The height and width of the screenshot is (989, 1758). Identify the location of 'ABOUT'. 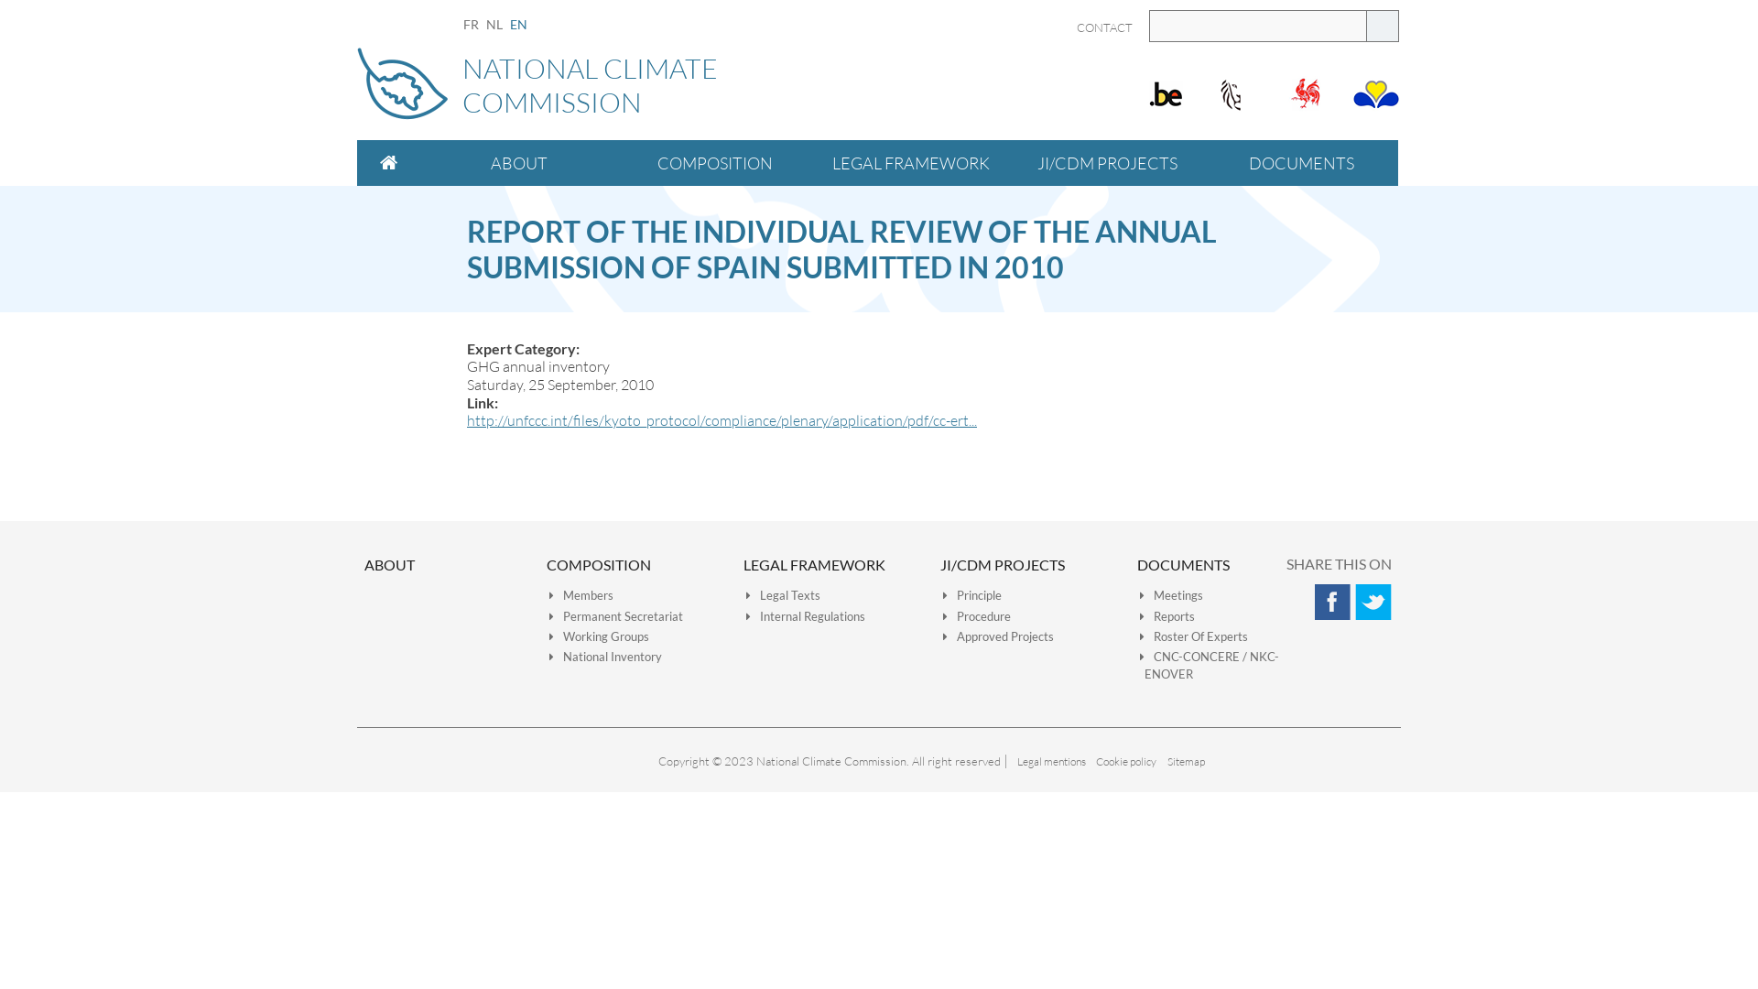
(517, 161).